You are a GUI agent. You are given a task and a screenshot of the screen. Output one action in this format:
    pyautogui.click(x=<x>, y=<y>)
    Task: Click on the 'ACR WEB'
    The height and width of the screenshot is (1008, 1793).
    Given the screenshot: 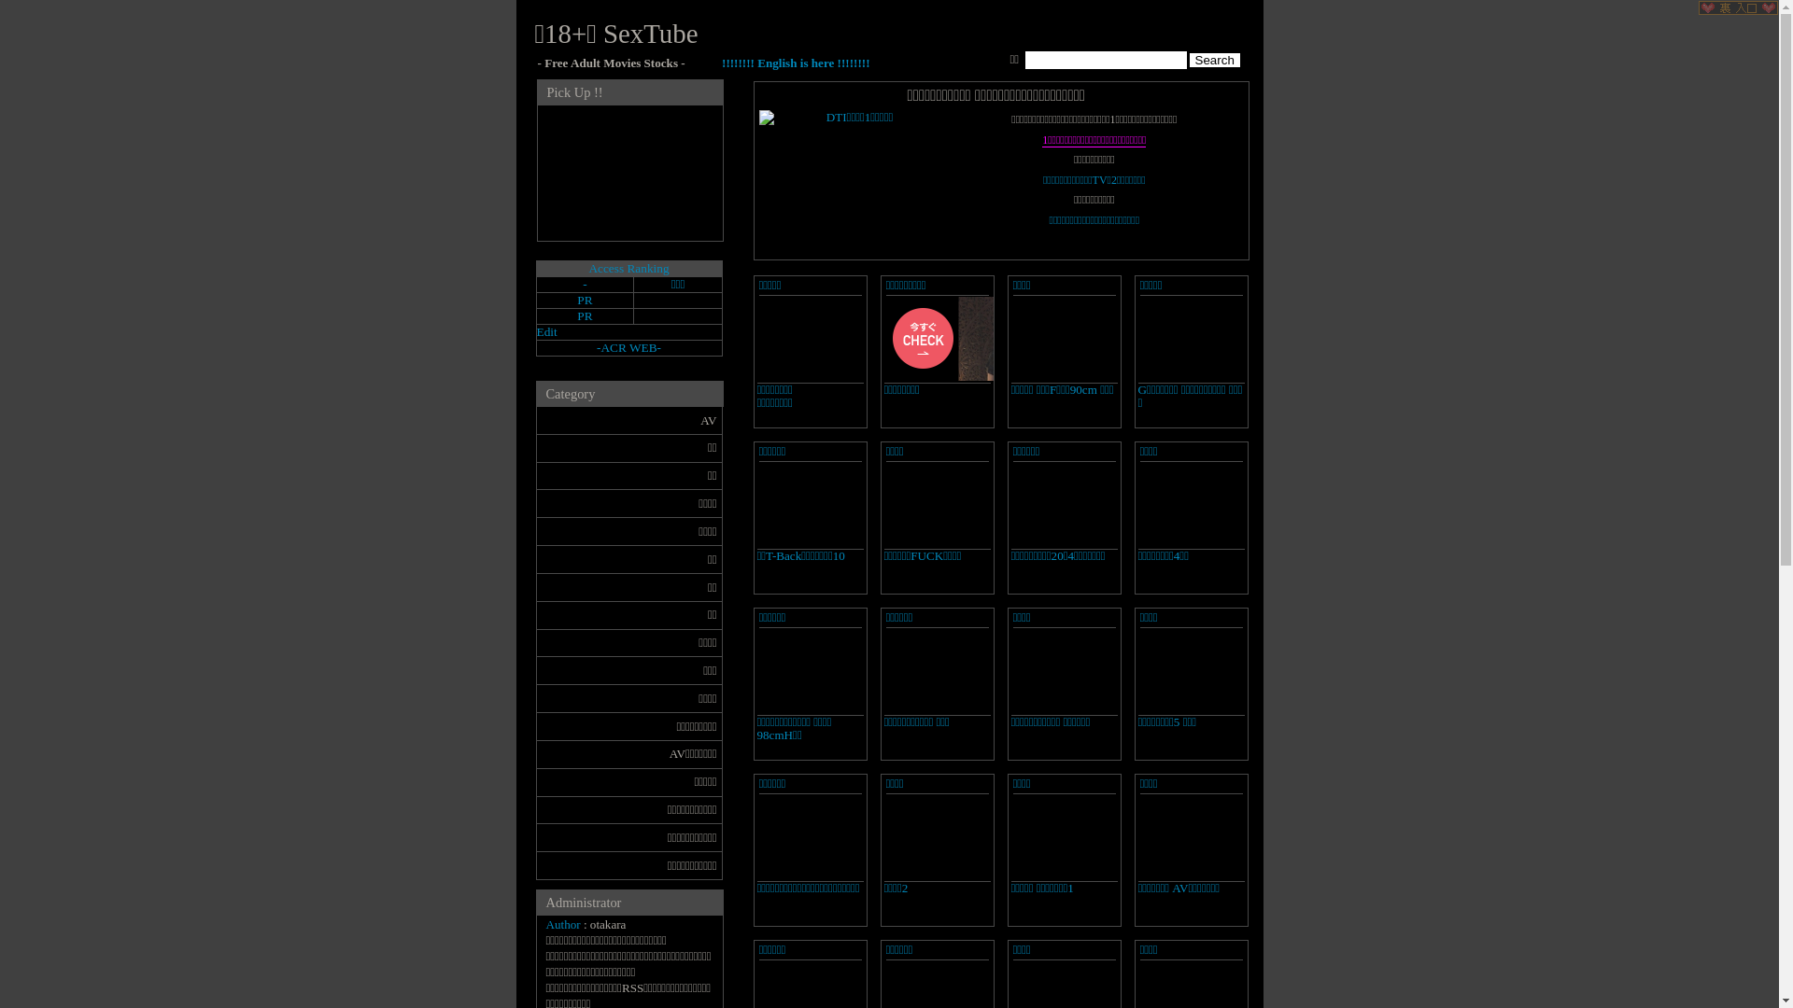 What is the action you would take?
    pyautogui.click(x=628, y=347)
    